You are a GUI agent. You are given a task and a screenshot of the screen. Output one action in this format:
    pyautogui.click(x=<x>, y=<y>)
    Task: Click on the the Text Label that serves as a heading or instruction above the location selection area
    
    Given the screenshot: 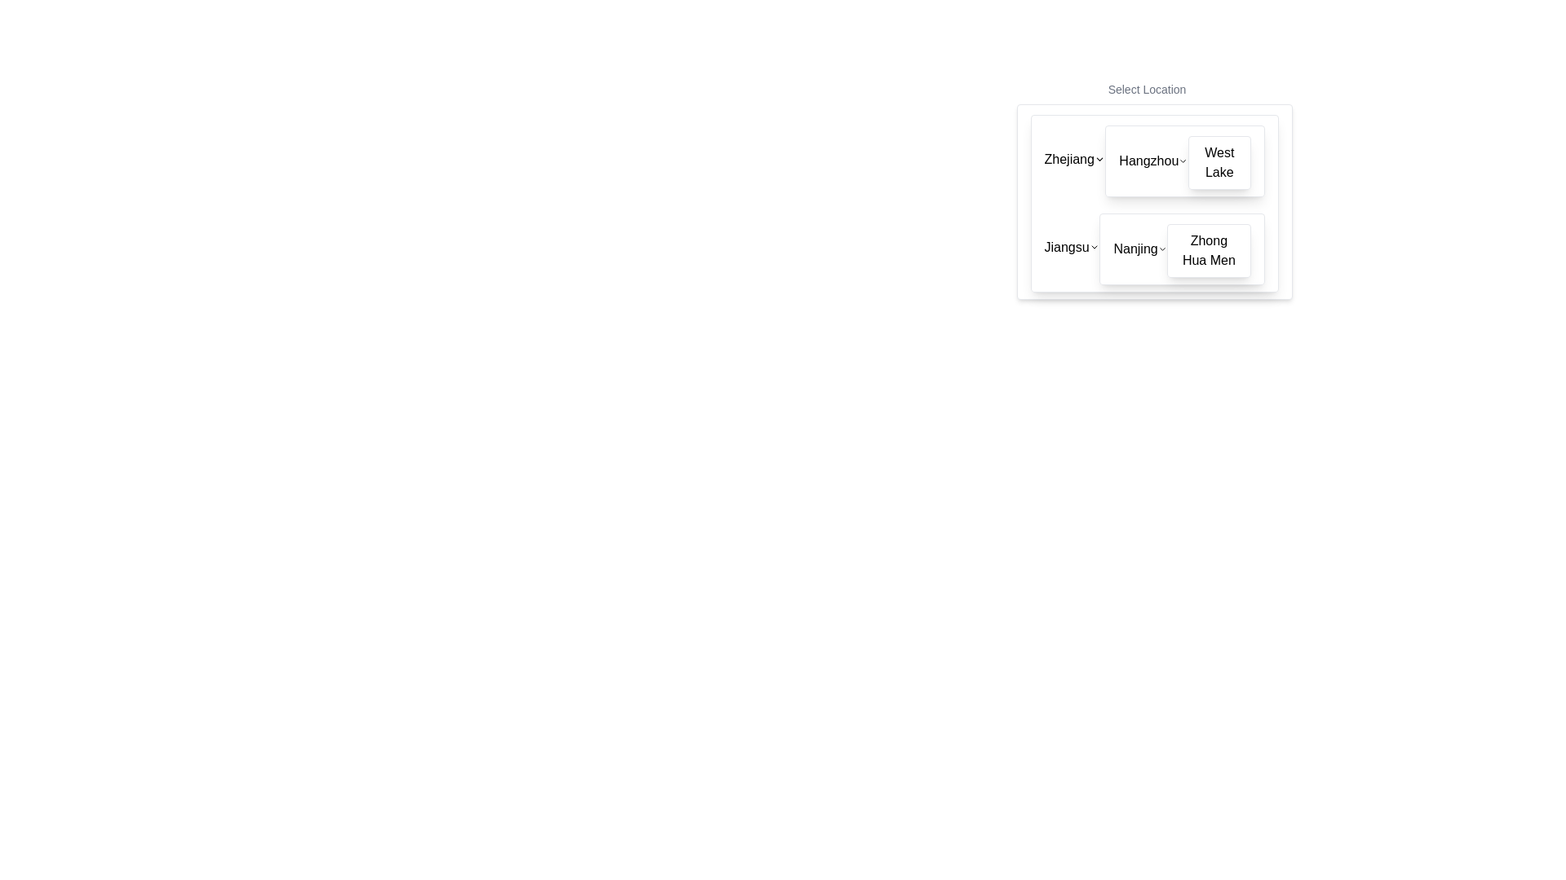 What is the action you would take?
    pyautogui.click(x=1146, y=90)
    